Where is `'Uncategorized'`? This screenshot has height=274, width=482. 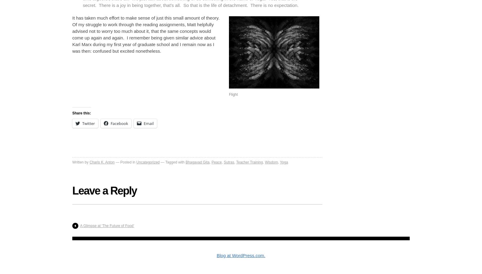 'Uncategorized' is located at coordinates (148, 161).